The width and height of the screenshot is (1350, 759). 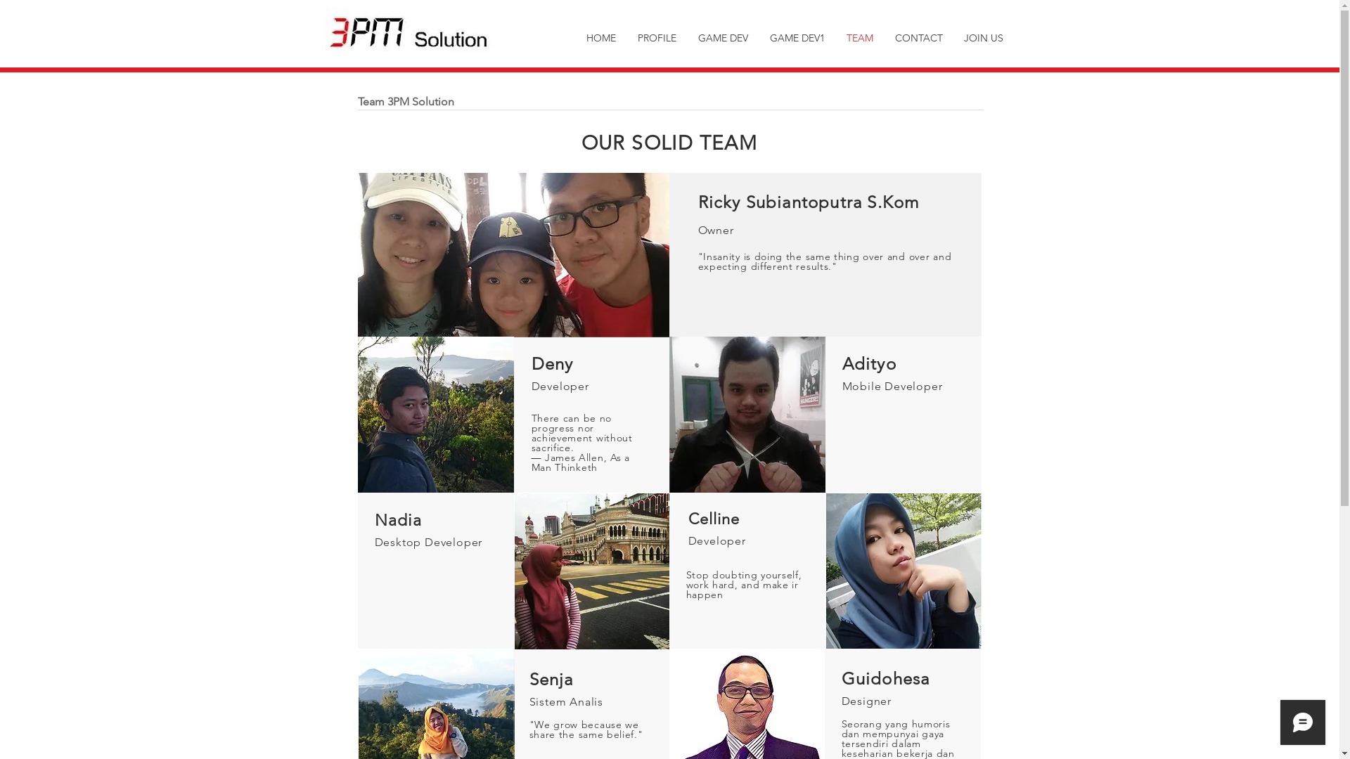 I want to click on 'JOIN US', so click(x=982, y=37).